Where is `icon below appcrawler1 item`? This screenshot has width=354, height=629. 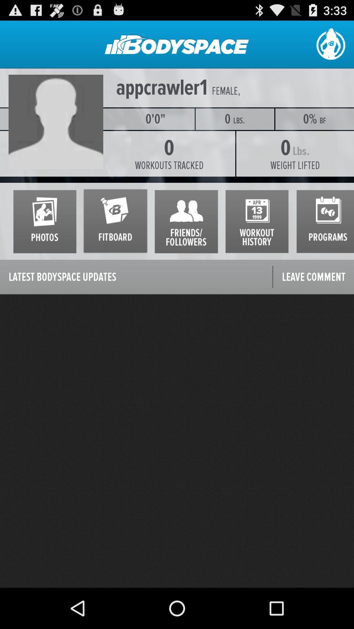
icon below appcrawler1 item is located at coordinates (58, 119).